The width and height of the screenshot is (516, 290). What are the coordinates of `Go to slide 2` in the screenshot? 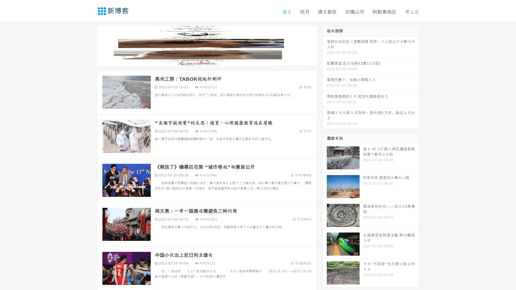 It's located at (206, 60).